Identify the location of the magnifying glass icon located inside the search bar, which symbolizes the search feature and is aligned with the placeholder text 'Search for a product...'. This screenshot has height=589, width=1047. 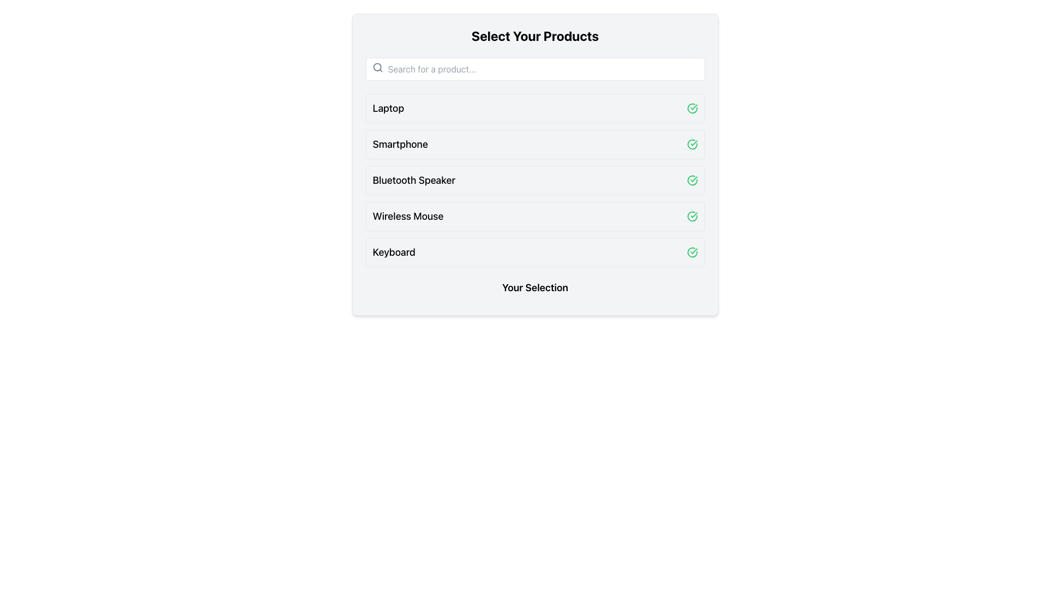
(377, 67).